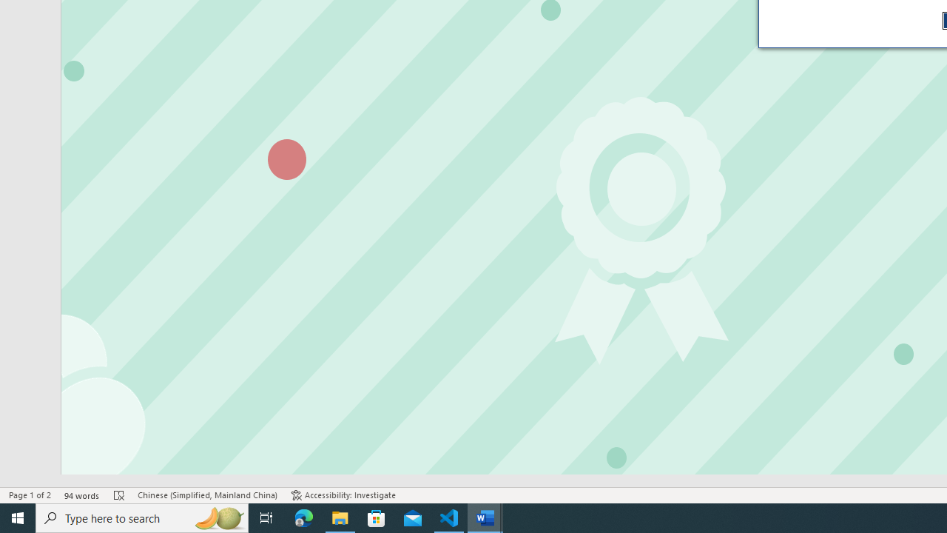  I want to click on 'Microsoft Edge', so click(303, 517).